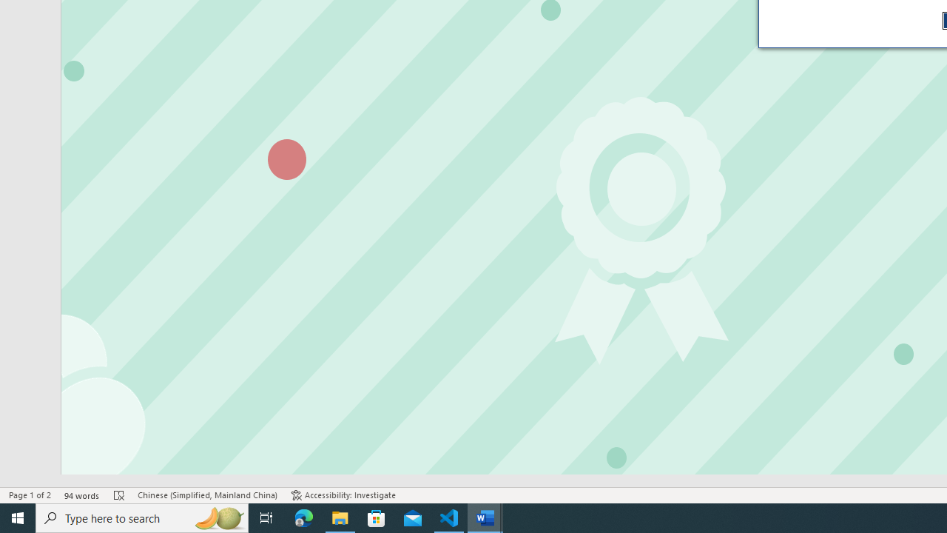  I want to click on 'Microsoft Edge', so click(303, 517).